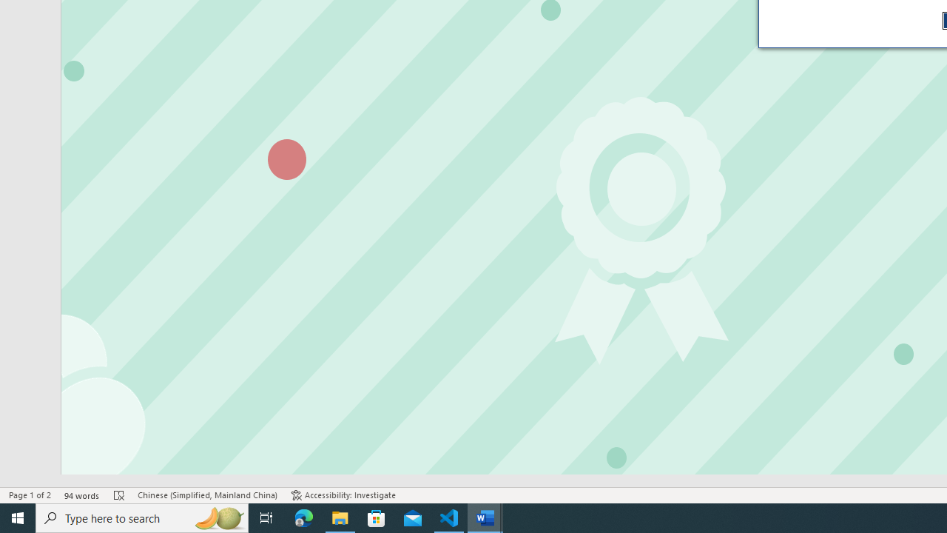  I want to click on 'Microsoft Edge', so click(303, 517).